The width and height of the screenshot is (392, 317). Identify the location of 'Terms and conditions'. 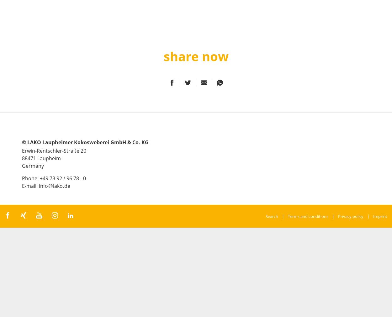
(308, 215).